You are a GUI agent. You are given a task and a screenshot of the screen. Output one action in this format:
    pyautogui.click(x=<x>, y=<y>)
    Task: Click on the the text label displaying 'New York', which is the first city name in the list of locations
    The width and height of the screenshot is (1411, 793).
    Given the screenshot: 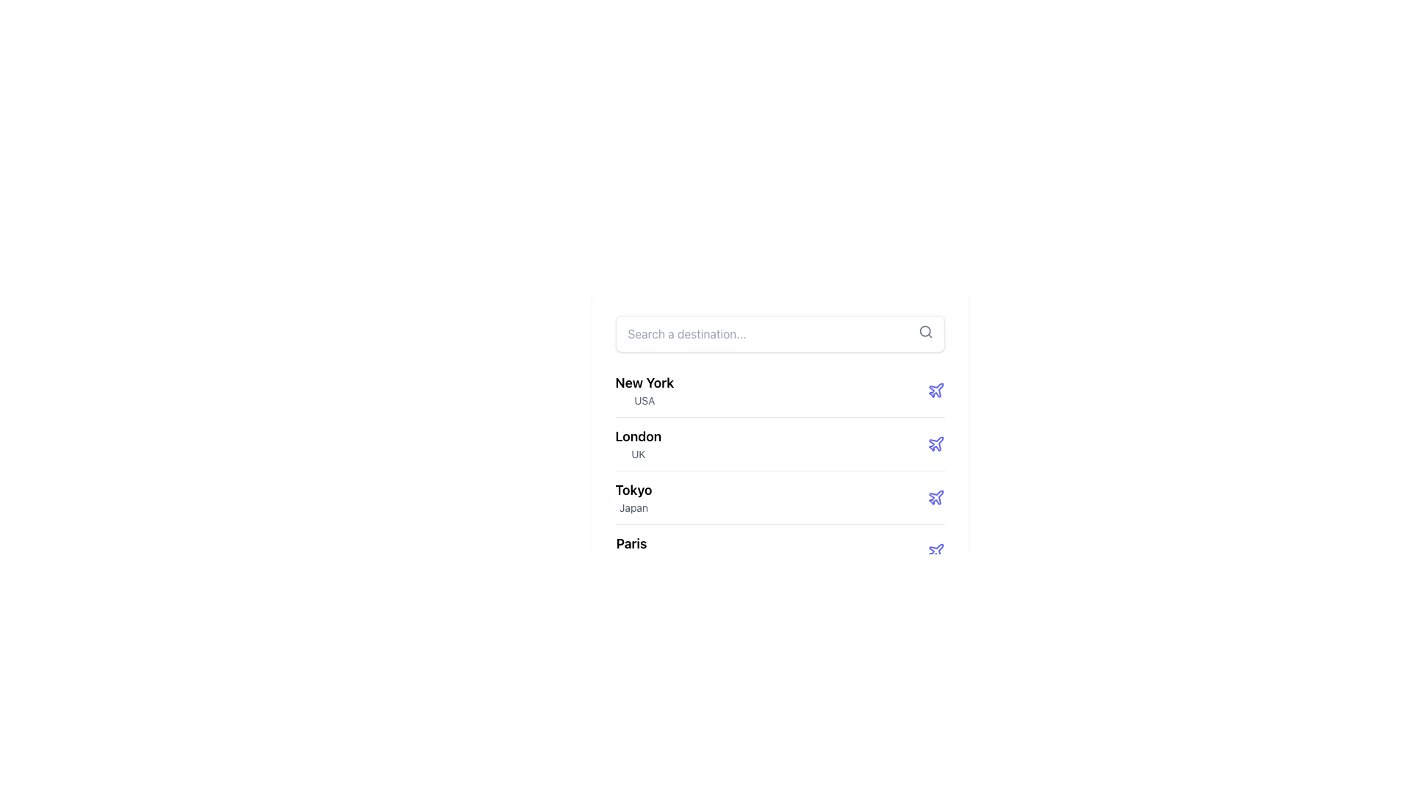 What is the action you would take?
    pyautogui.click(x=645, y=382)
    